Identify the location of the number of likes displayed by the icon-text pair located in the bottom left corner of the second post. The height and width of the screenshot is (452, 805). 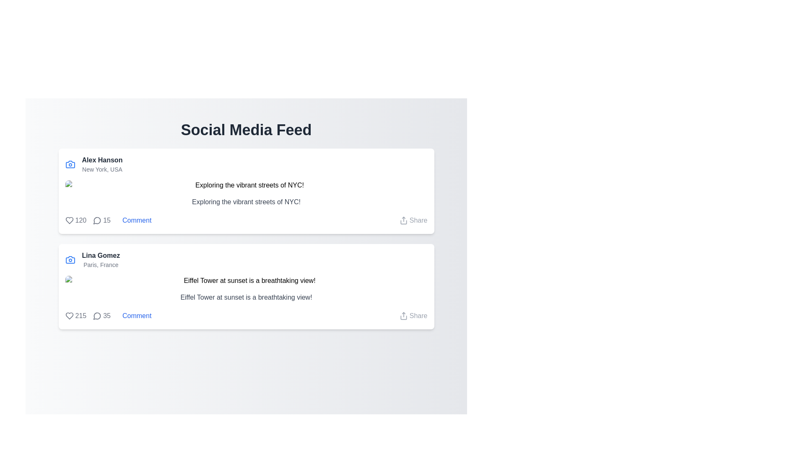
(75, 316).